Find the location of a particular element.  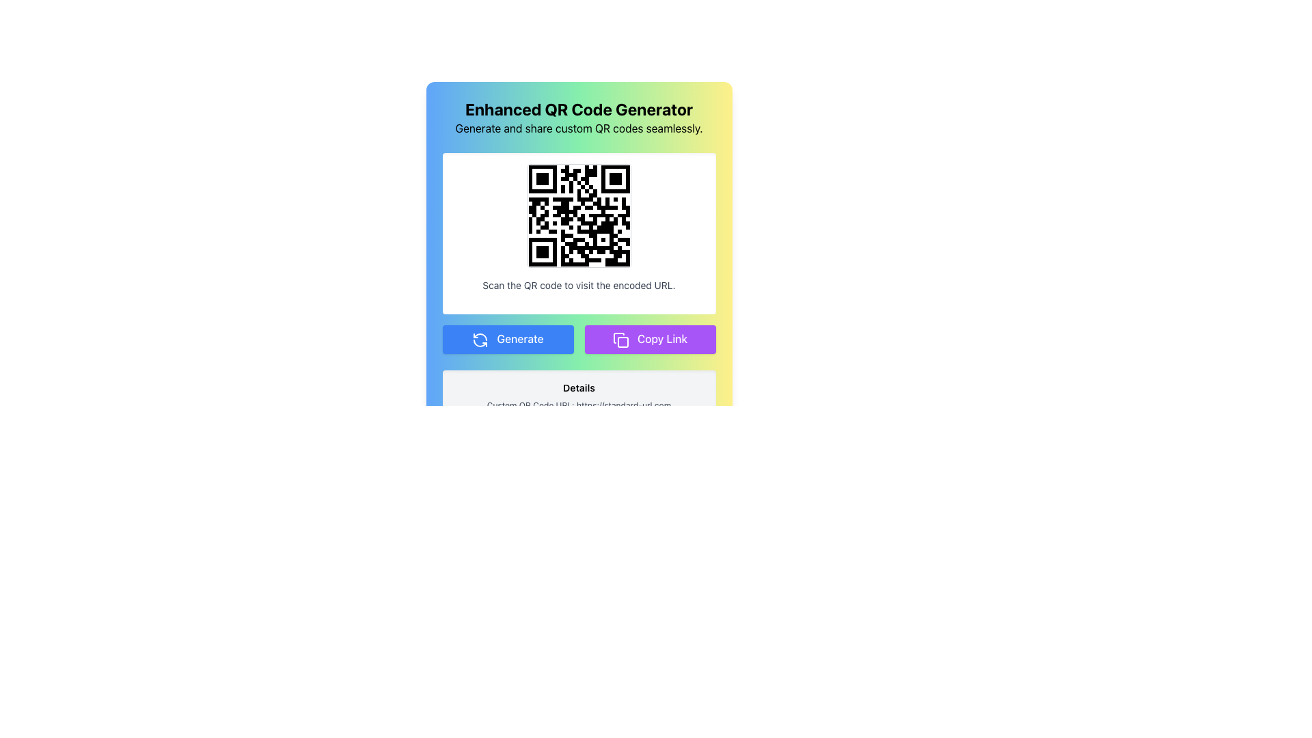

the blue button labeled 'Generate' with a refresh symbol is located at coordinates (507, 338).